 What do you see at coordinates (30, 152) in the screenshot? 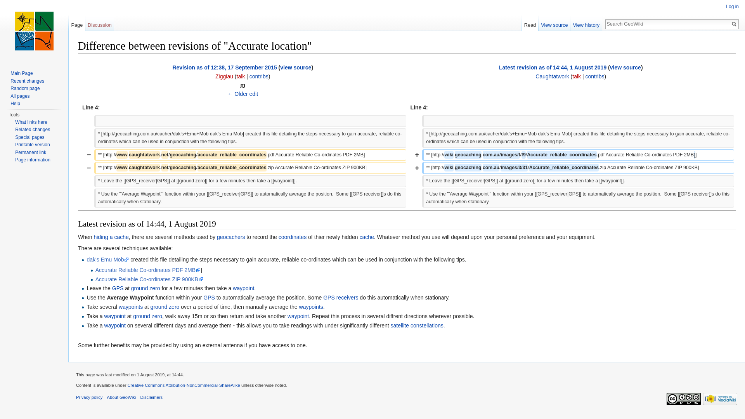
I see `'Permanent link'` at bounding box center [30, 152].